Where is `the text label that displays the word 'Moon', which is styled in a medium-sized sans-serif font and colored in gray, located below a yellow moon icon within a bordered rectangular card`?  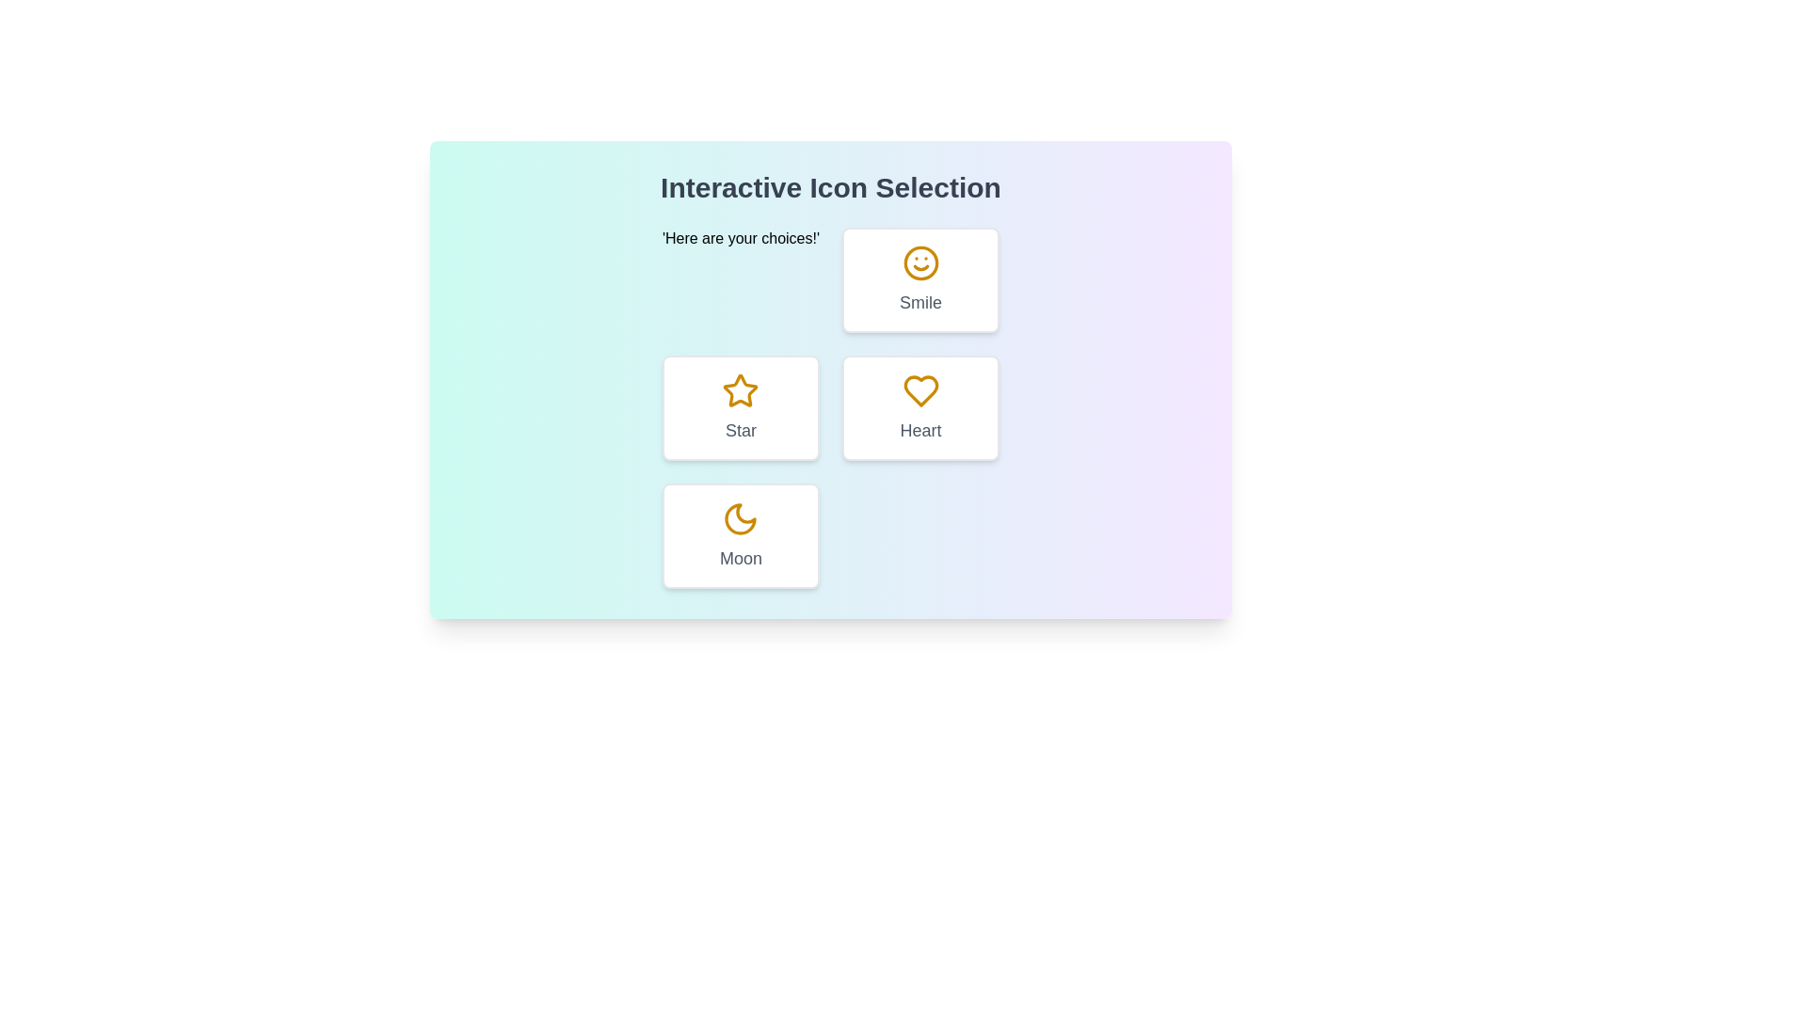 the text label that displays the word 'Moon', which is styled in a medium-sized sans-serif font and colored in gray, located below a yellow moon icon within a bordered rectangular card is located at coordinates (740, 558).